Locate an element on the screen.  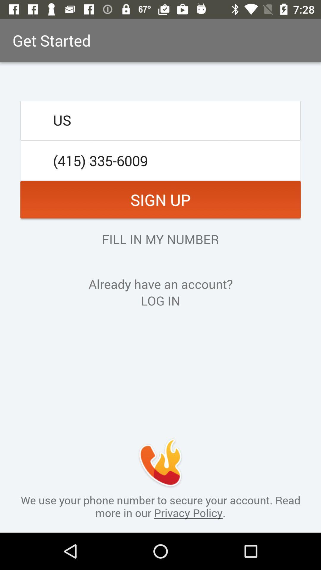
the icon above already have an icon is located at coordinates (160, 239).